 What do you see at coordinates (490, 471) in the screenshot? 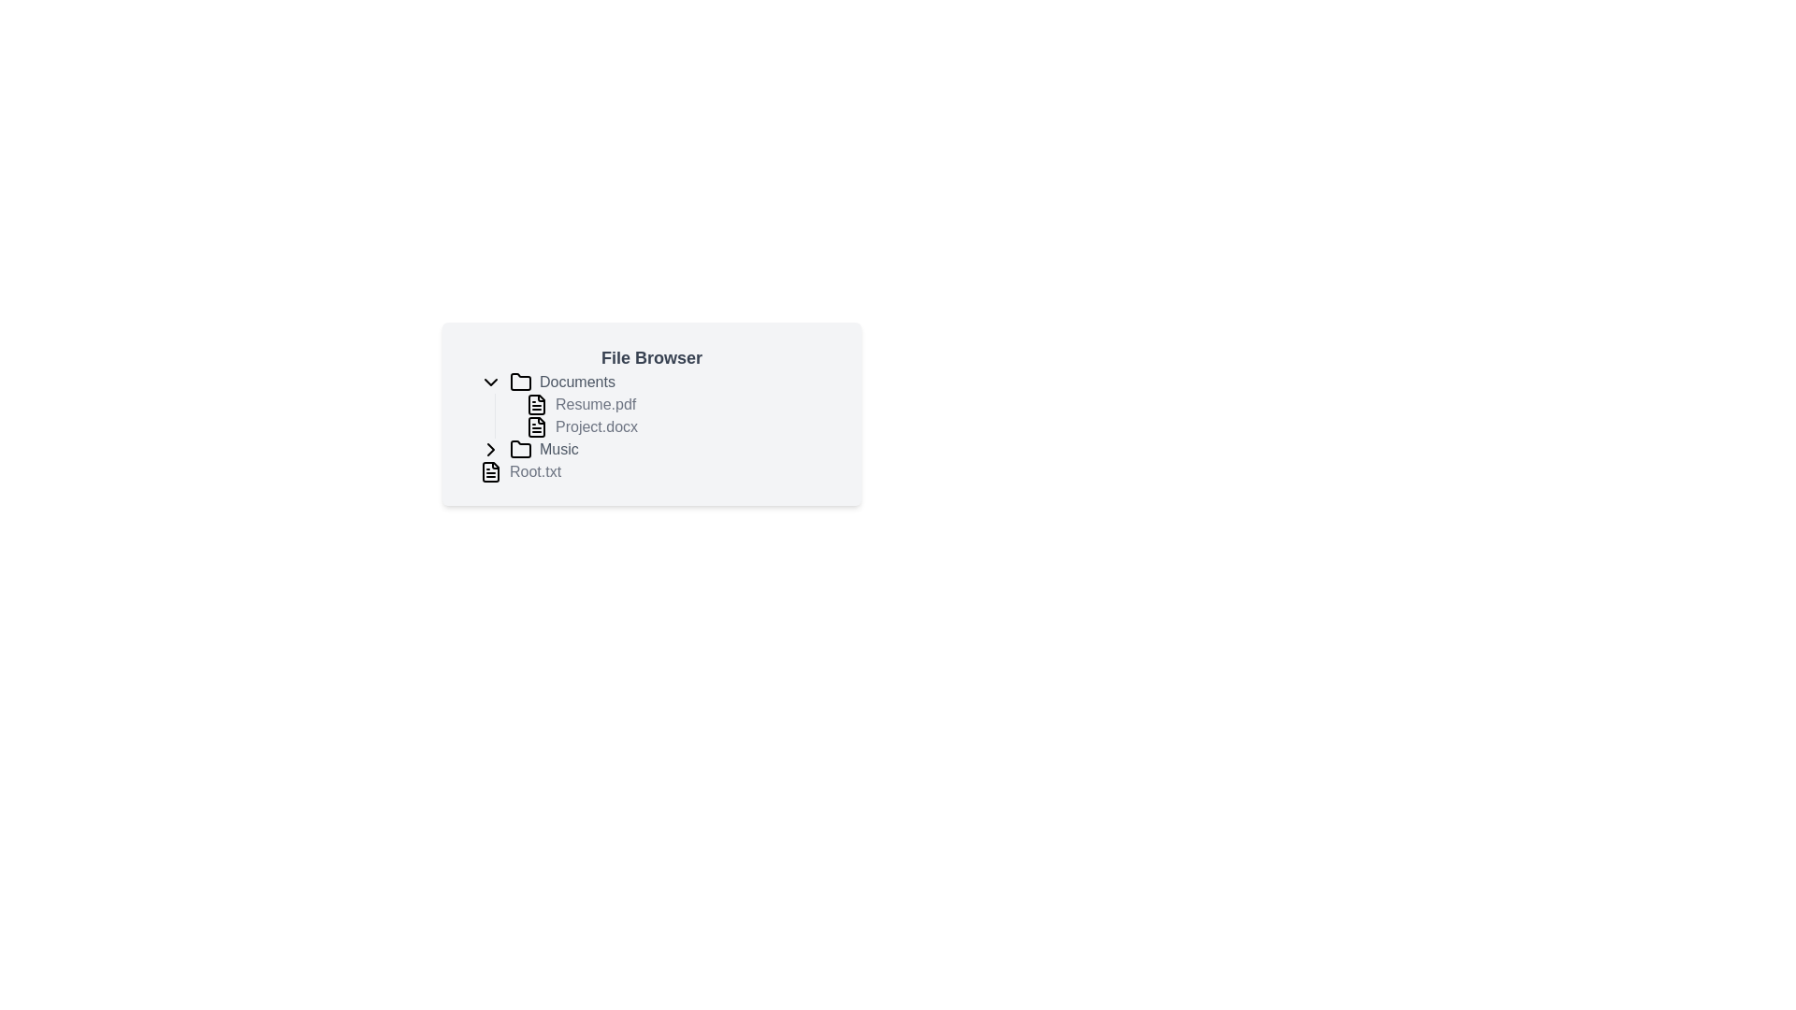
I see `the icon representing a text file, which has a black outline and is located next to the label 'Root.txt' in the file browser interface` at bounding box center [490, 471].